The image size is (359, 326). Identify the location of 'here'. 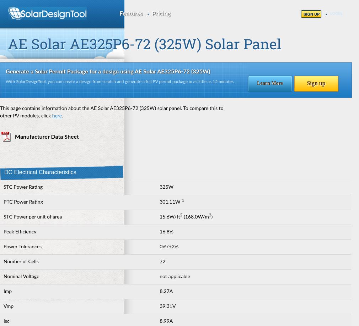
(56, 115).